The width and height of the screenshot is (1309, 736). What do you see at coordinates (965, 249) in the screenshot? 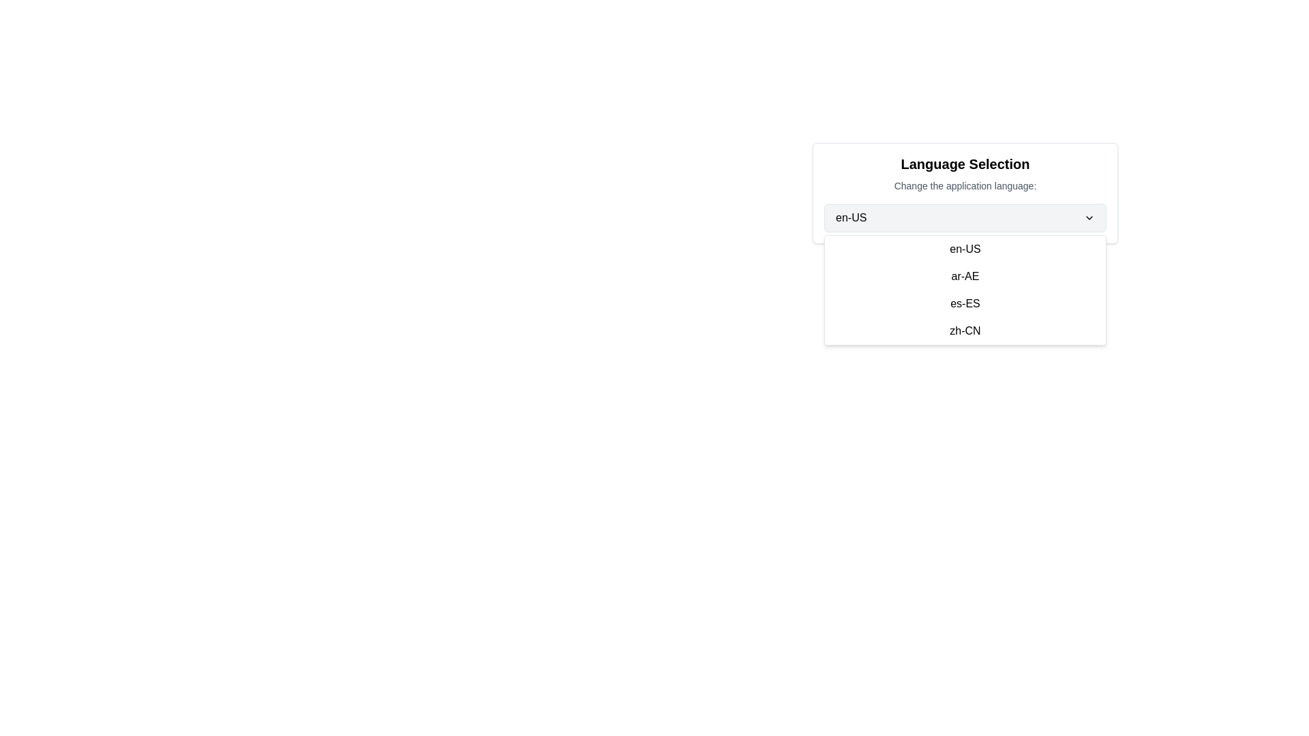
I see `the 'en-US' language option in the dropdown menu, which is the first item and styled with padding and a hover effect` at bounding box center [965, 249].